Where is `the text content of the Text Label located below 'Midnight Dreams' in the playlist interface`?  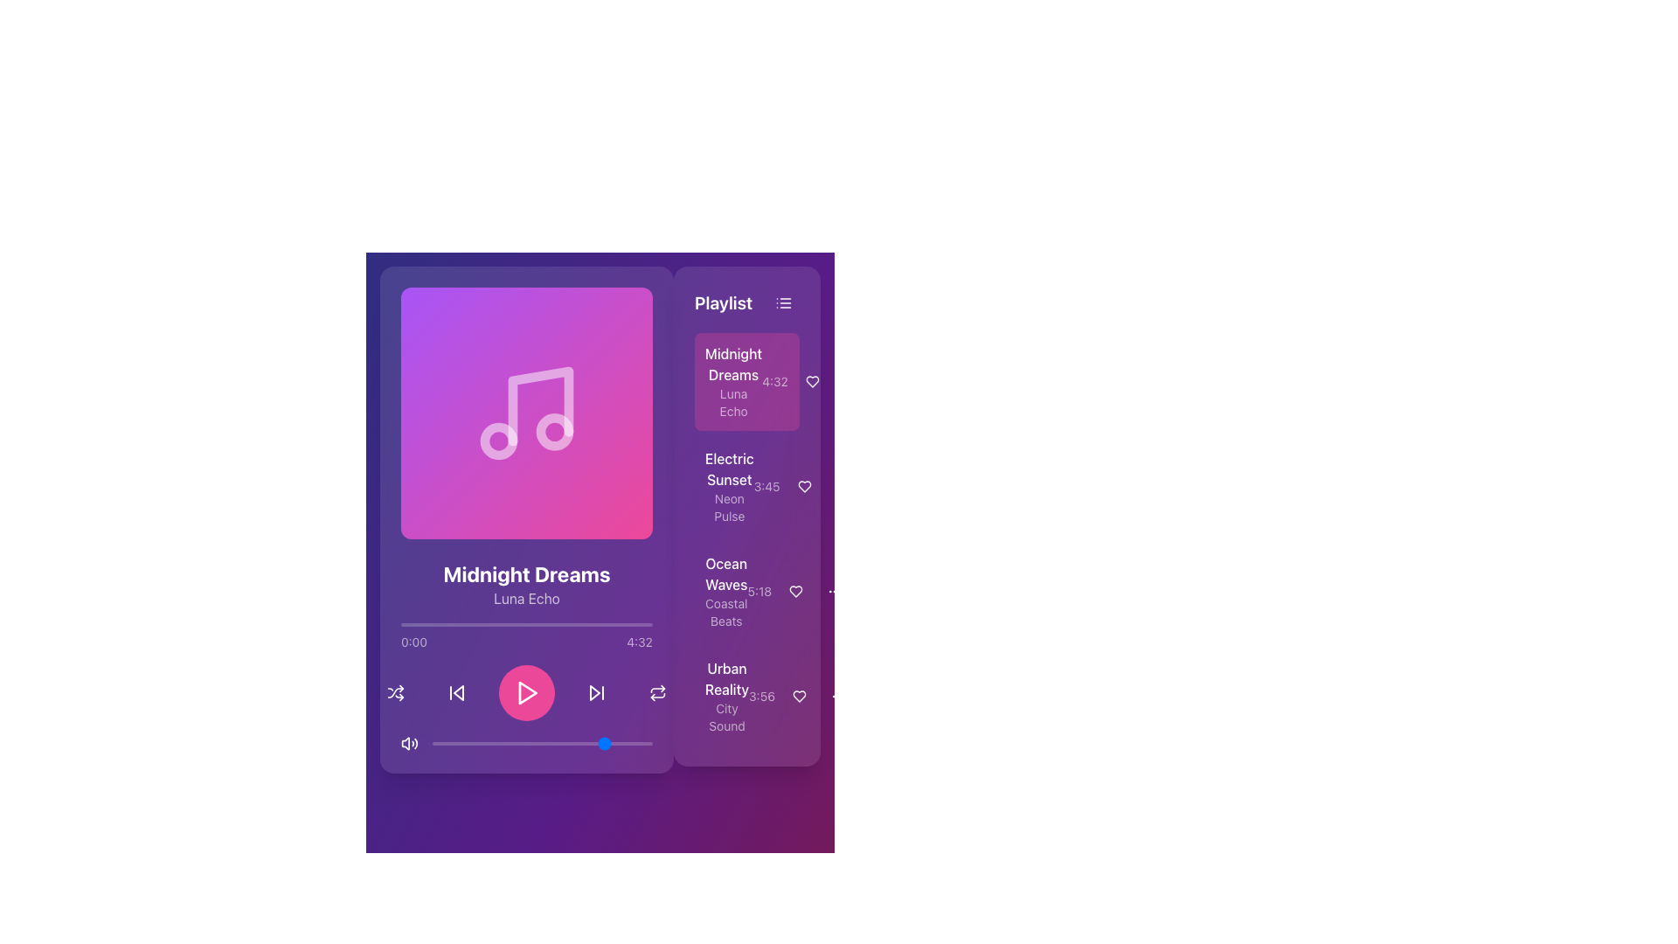 the text content of the Text Label located below 'Midnight Dreams' in the playlist interface is located at coordinates (733, 403).